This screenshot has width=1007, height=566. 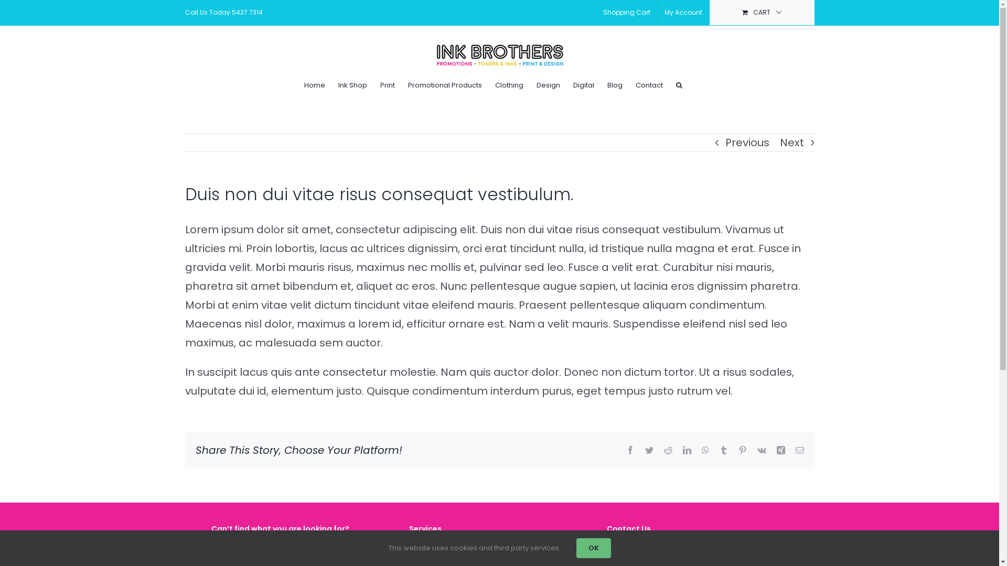 I want to click on 'LinkedIn', so click(x=687, y=450).